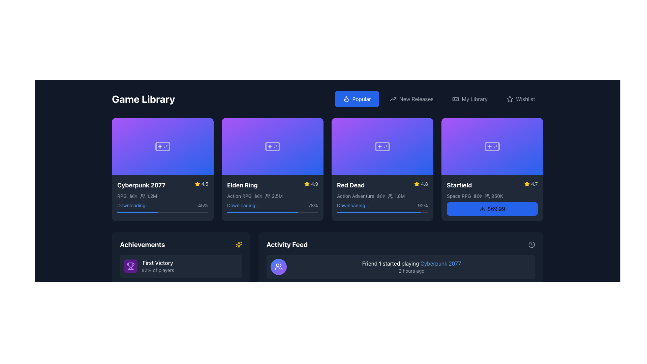 This screenshot has height=364, width=647. What do you see at coordinates (492, 146) in the screenshot?
I see `the image placeholder in the 'Starfield' game card, which has a gradient background from purple to blue and a white gamepad icon in the center` at bounding box center [492, 146].